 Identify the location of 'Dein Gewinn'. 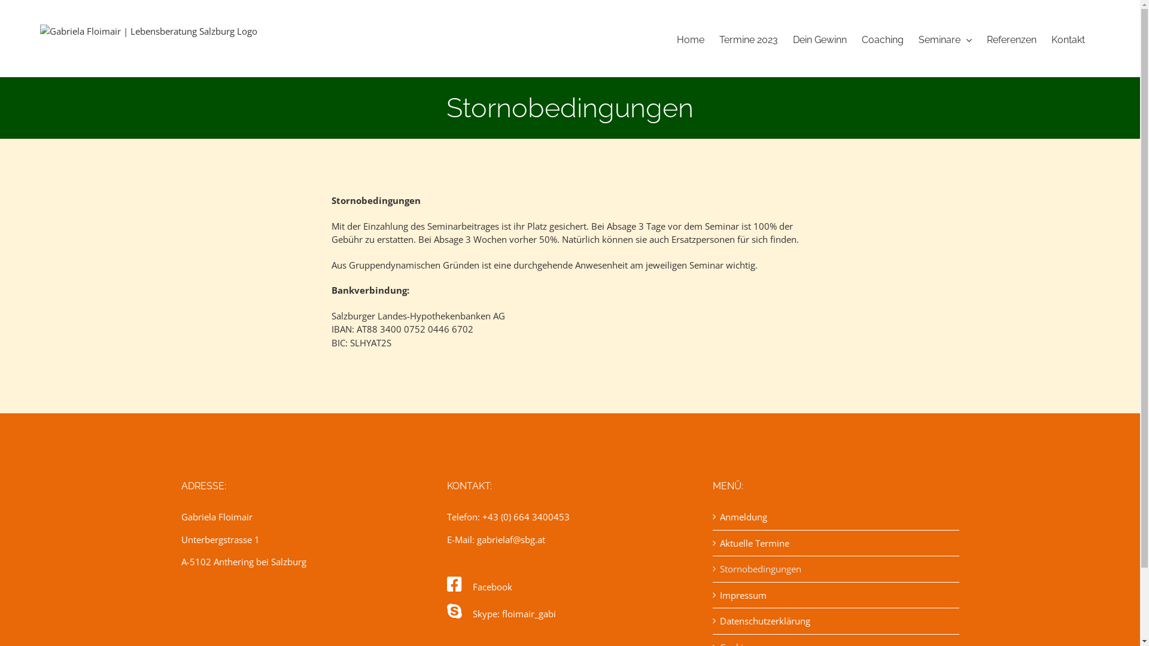
(819, 39).